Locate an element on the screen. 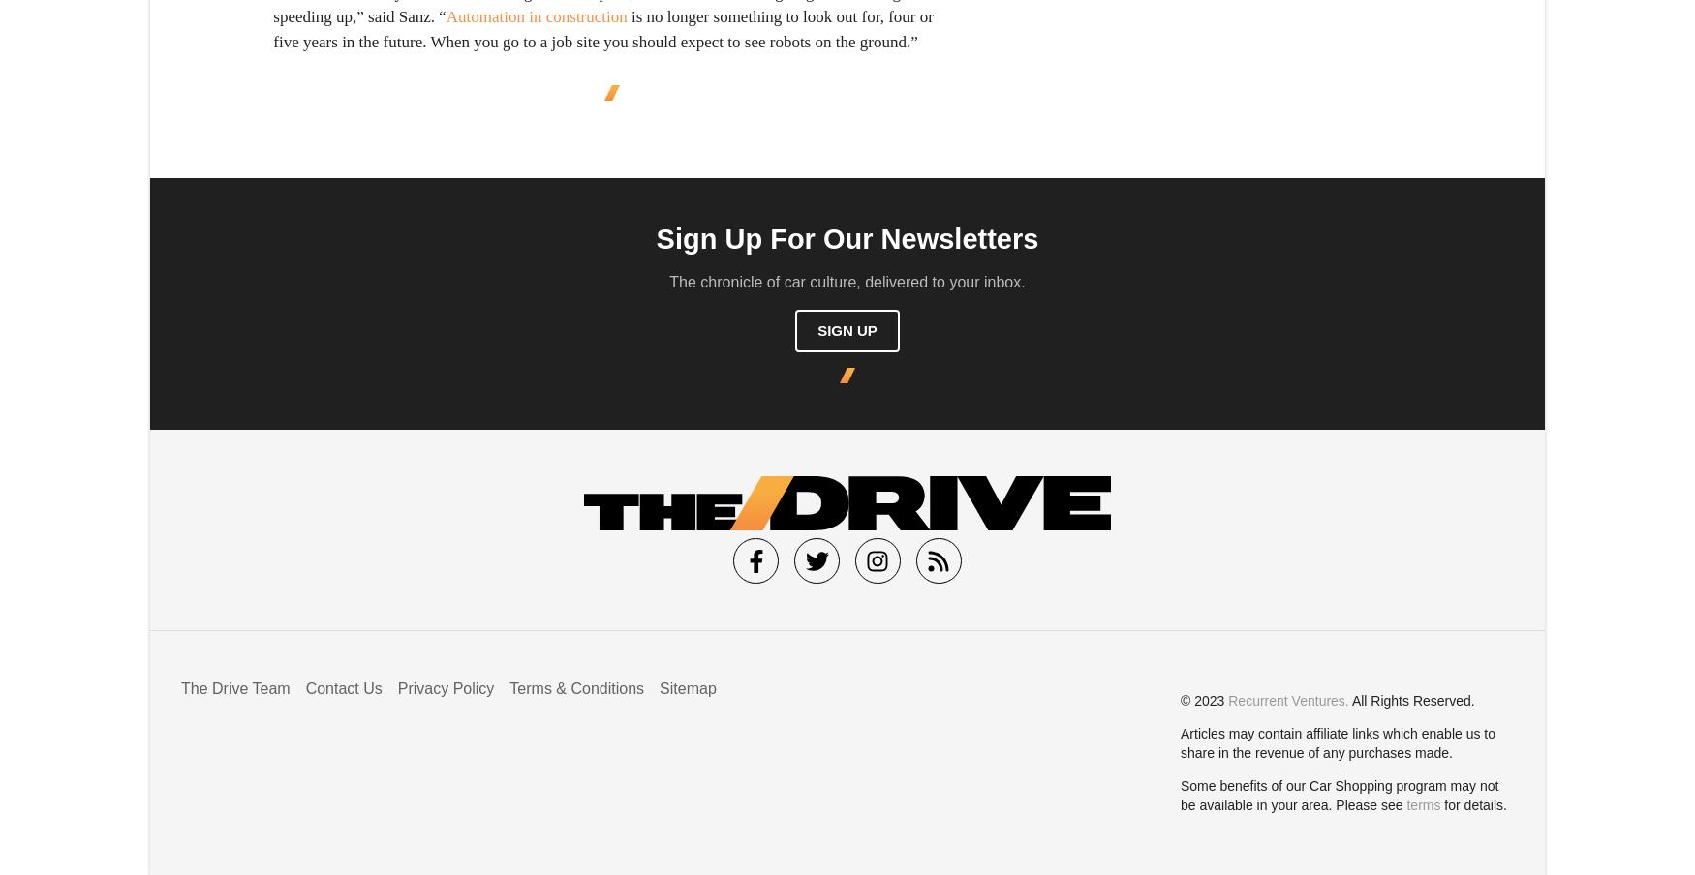  'Privacy Policy' is located at coordinates (446, 686).